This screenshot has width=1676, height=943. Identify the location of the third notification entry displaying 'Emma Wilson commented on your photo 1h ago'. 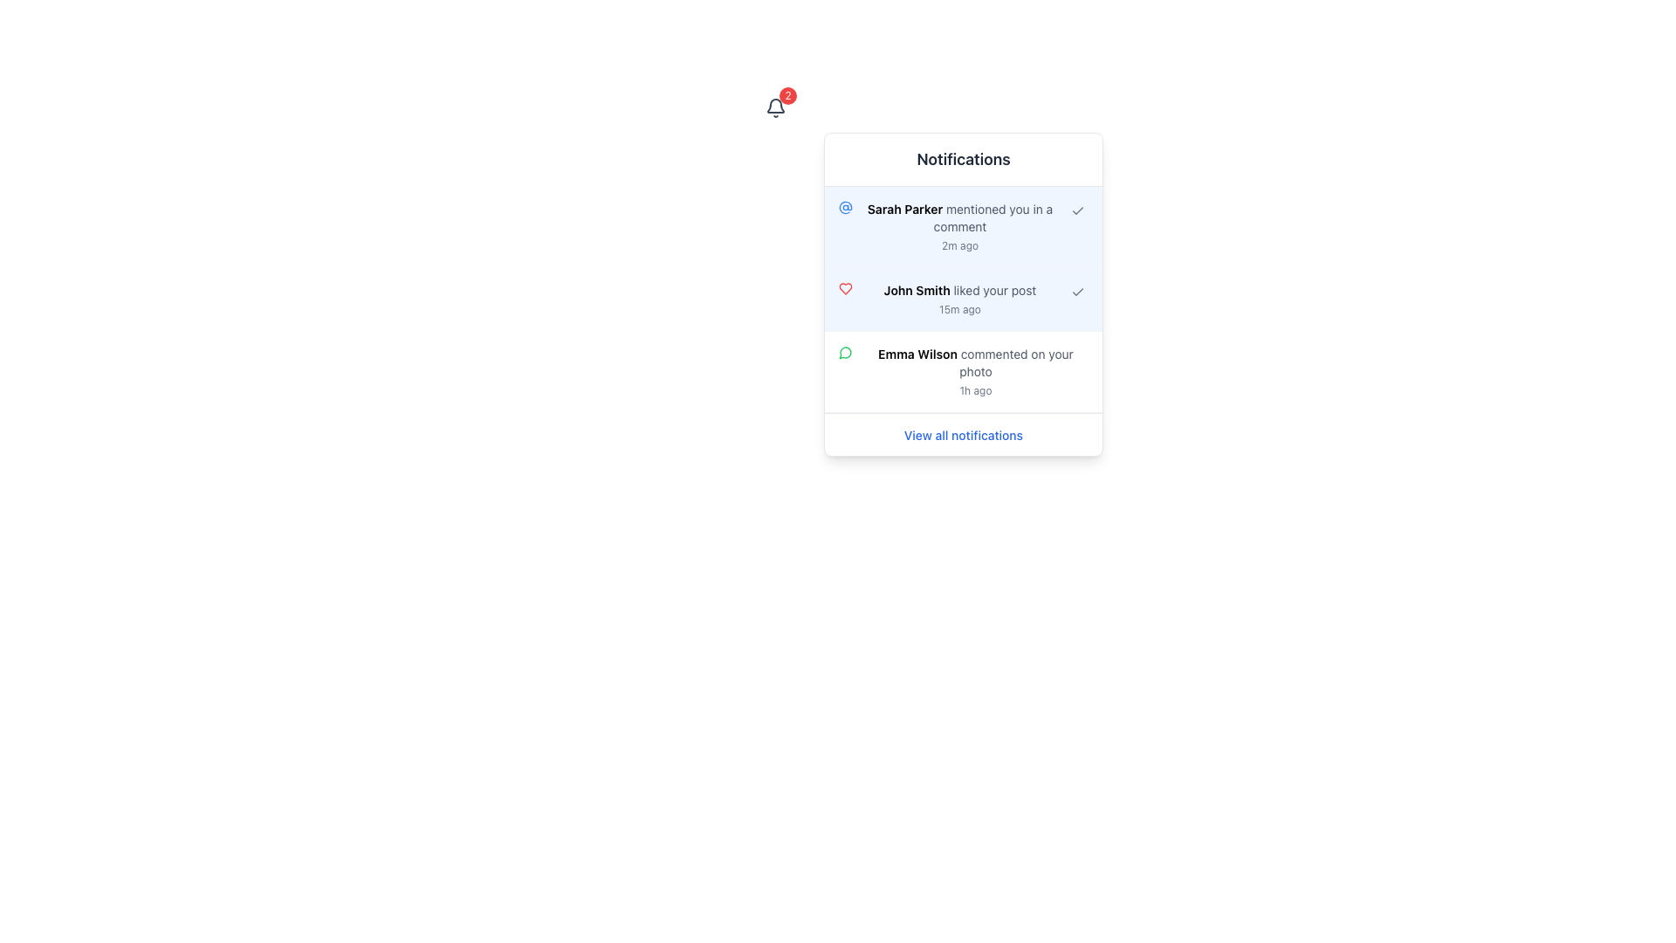
(963, 371).